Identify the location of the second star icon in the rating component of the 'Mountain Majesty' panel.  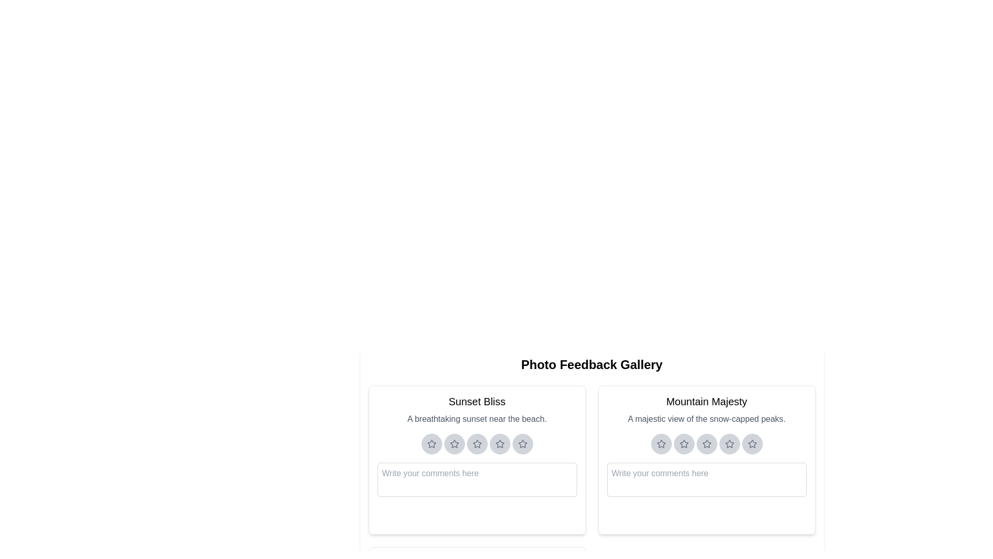
(684, 443).